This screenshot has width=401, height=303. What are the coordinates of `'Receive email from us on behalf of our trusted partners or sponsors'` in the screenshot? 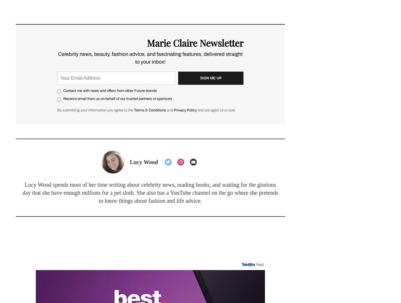 It's located at (118, 98).